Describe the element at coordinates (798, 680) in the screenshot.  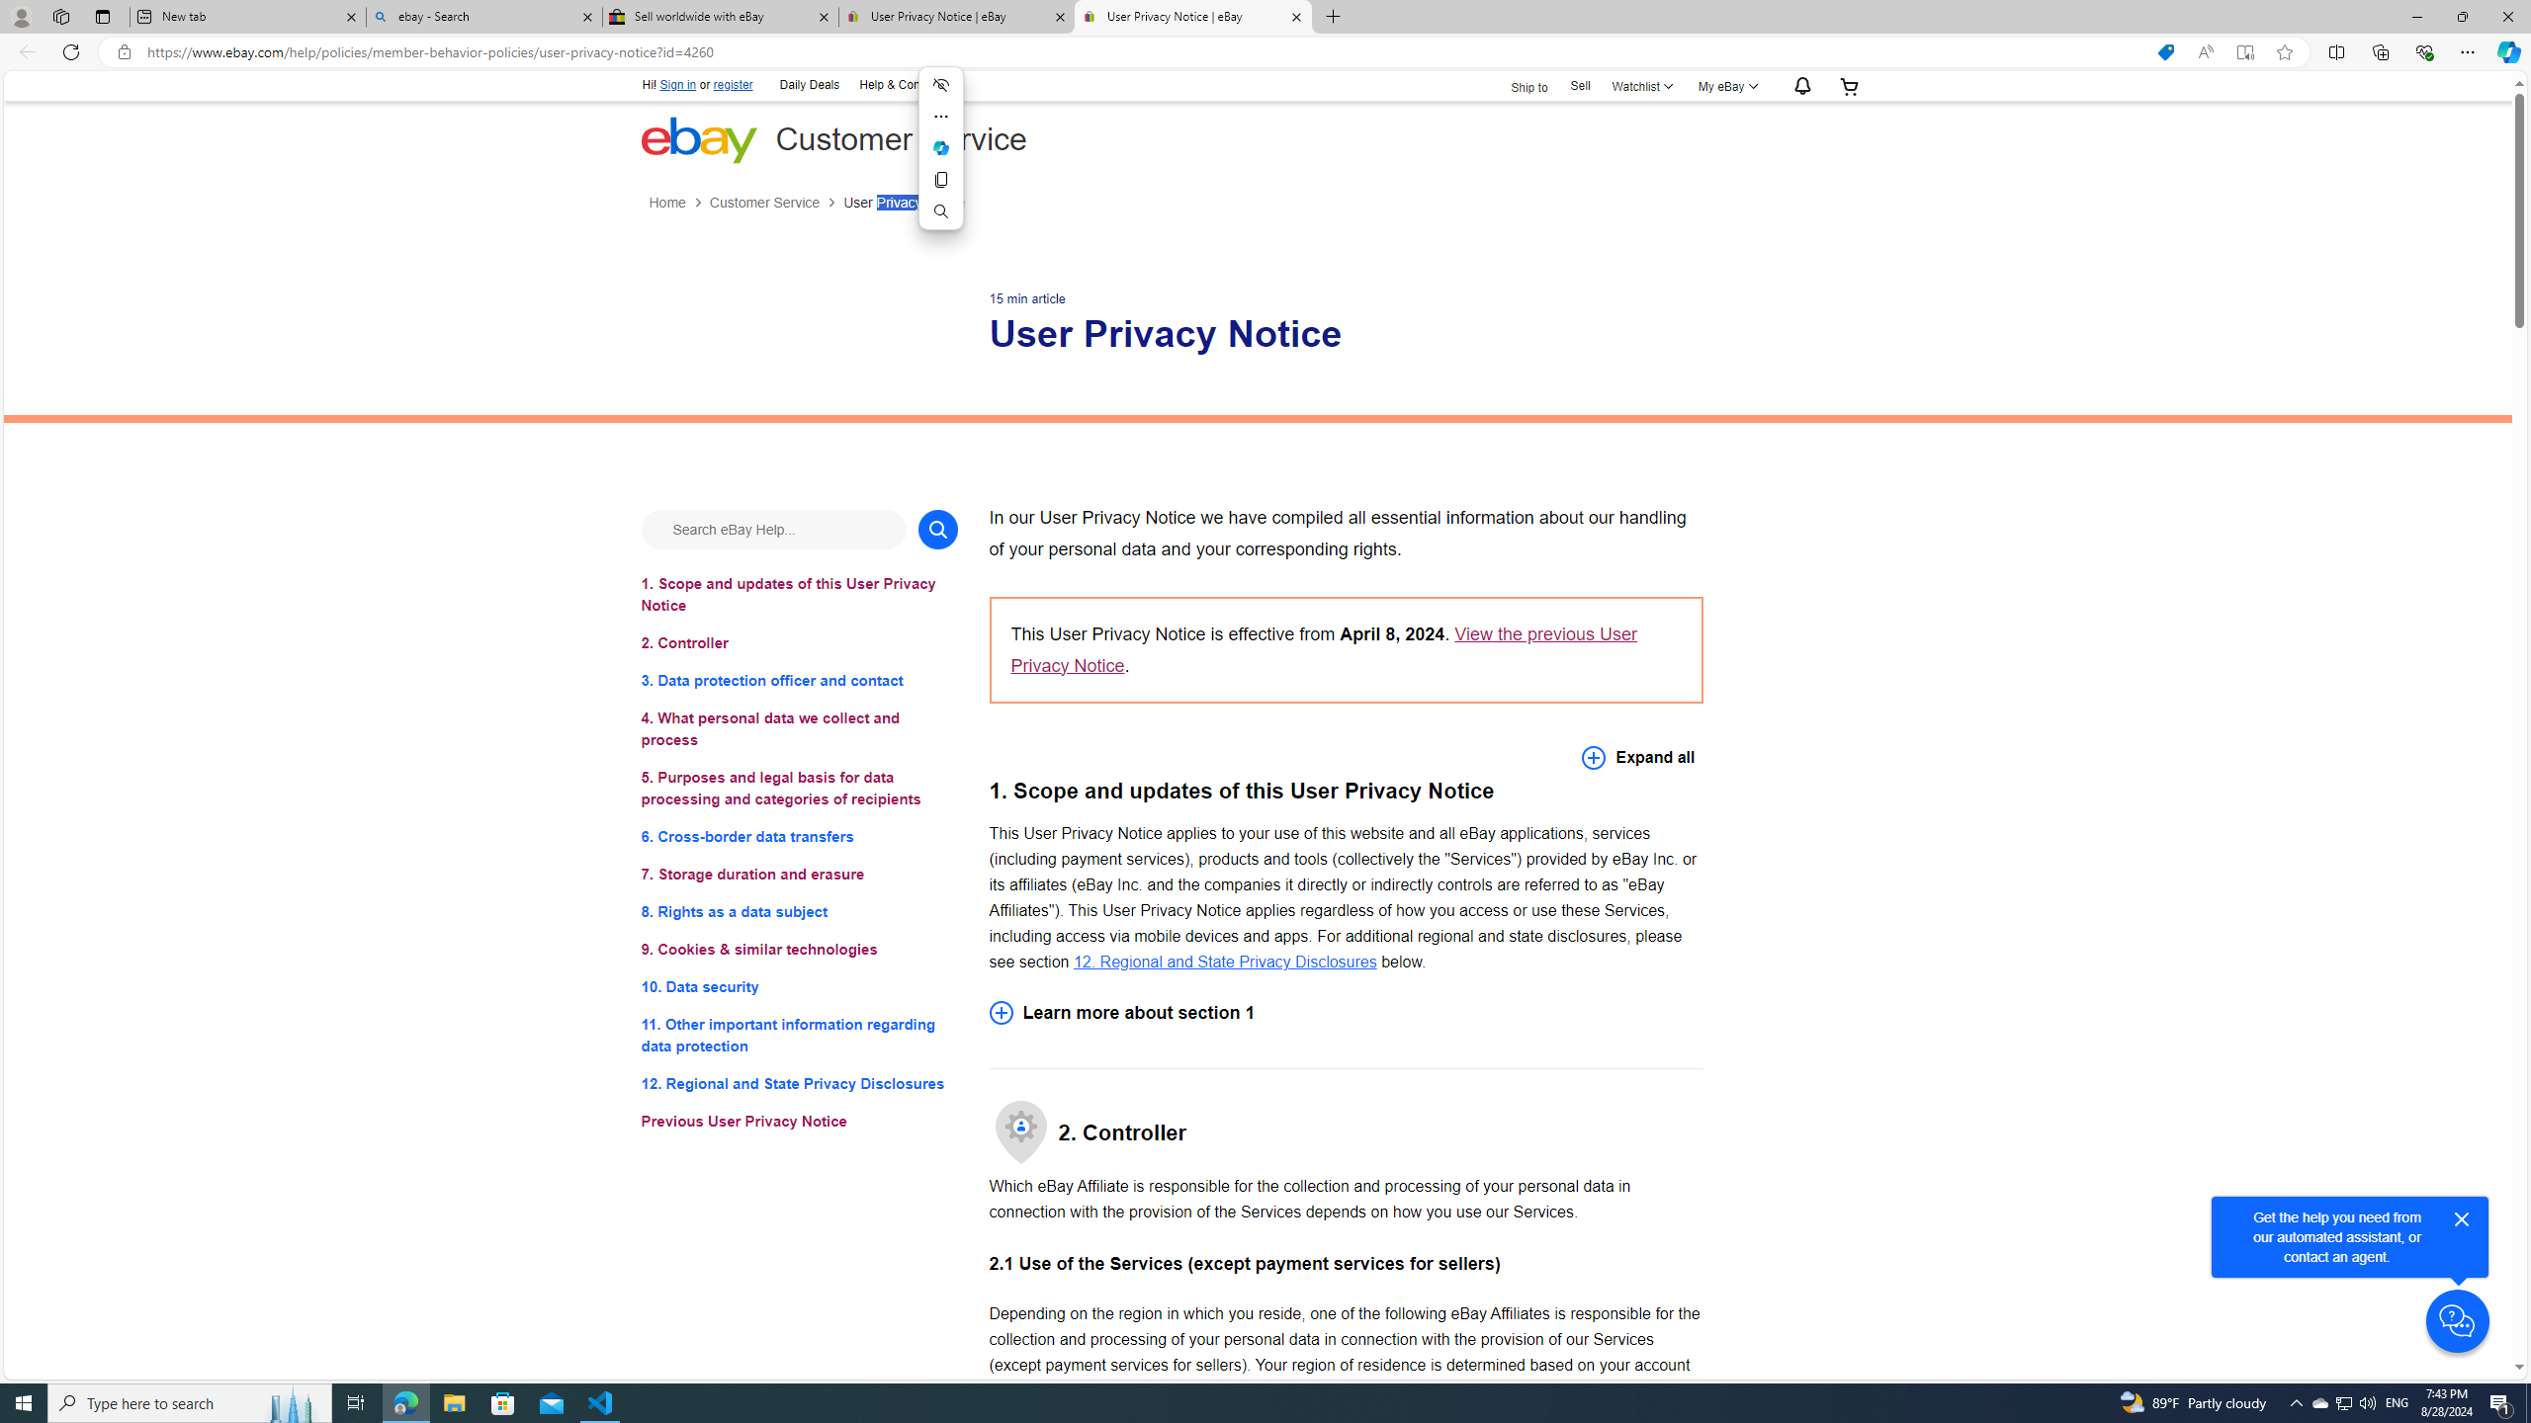
I see `'3. Data protection officer and contact'` at that location.